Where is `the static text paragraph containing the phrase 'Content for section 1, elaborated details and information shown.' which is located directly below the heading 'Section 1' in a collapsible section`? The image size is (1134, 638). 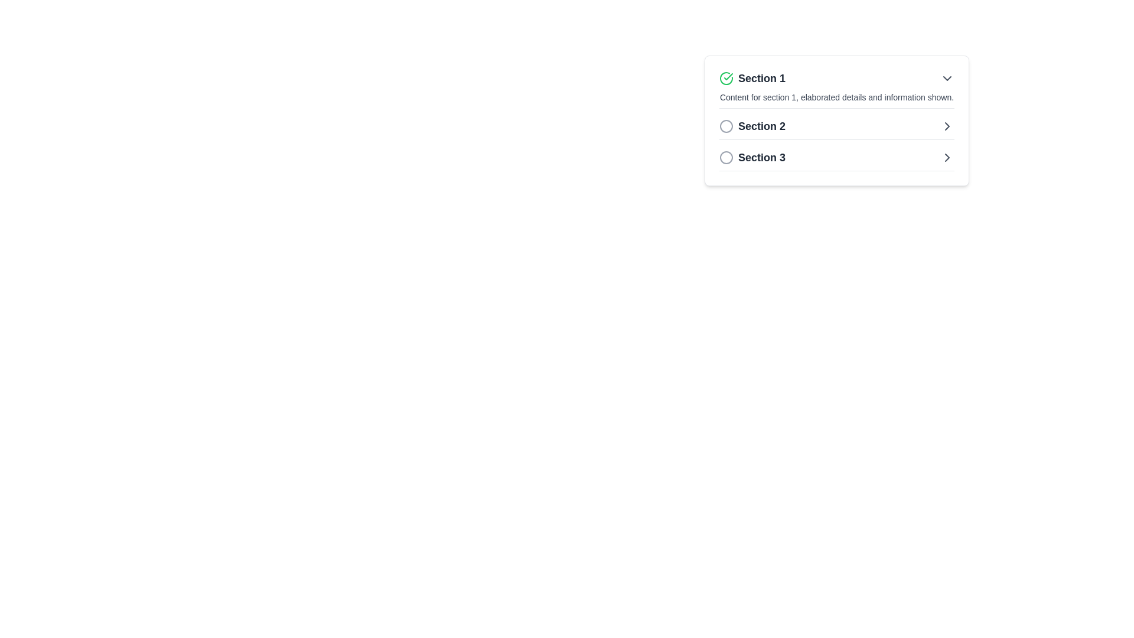
the static text paragraph containing the phrase 'Content for section 1, elaborated details and information shown.' which is located directly below the heading 'Section 1' in a collapsible section is located at coordinates (836, 97).